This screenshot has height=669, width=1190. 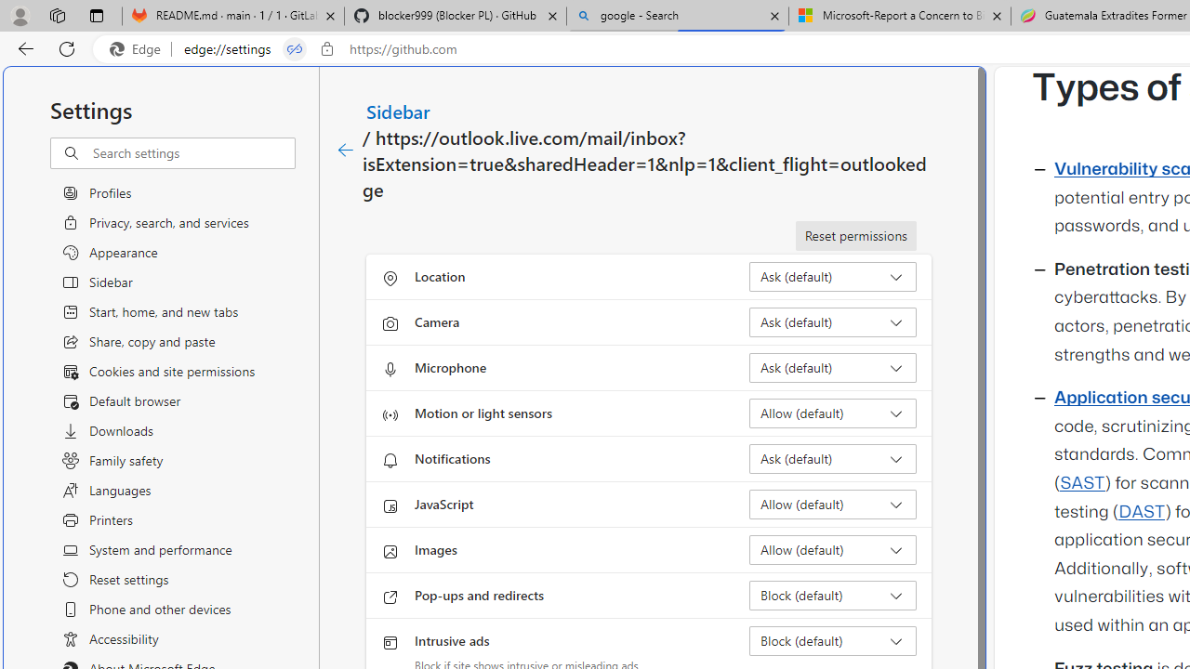 I want to click on 'DAST', so click(x=1141, y=512).